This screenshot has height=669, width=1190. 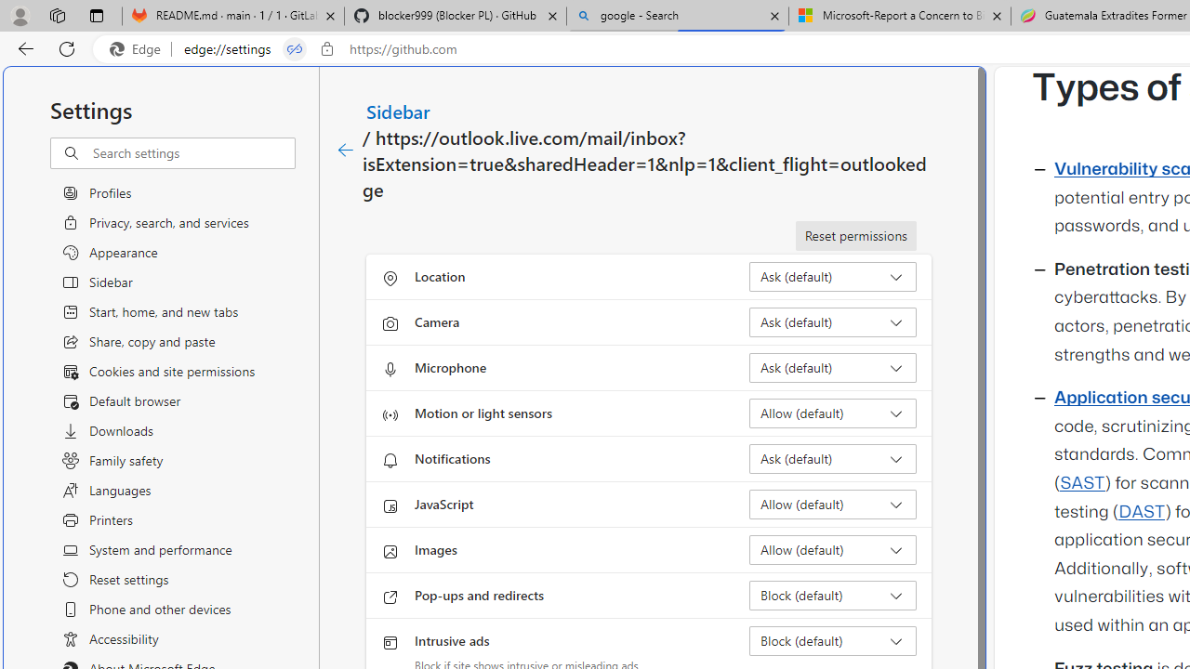 I want to click on 'DAST', so click(x=1141, y=512).